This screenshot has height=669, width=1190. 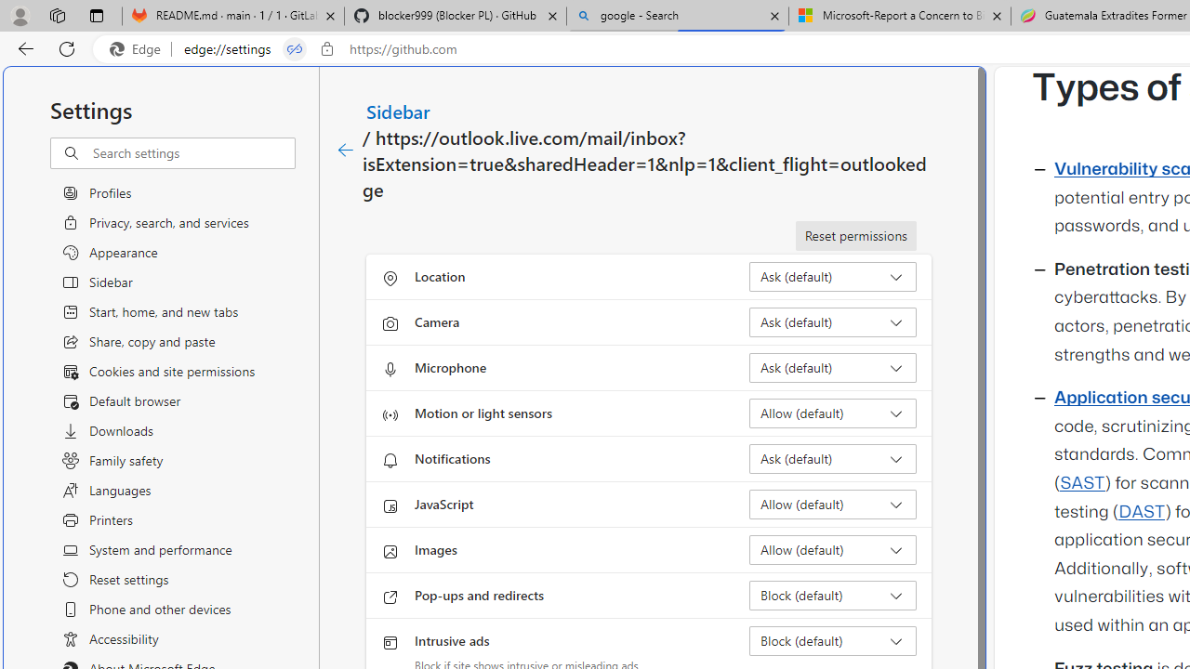 I want to click on 'DAST', so click(x=1141, y=512).